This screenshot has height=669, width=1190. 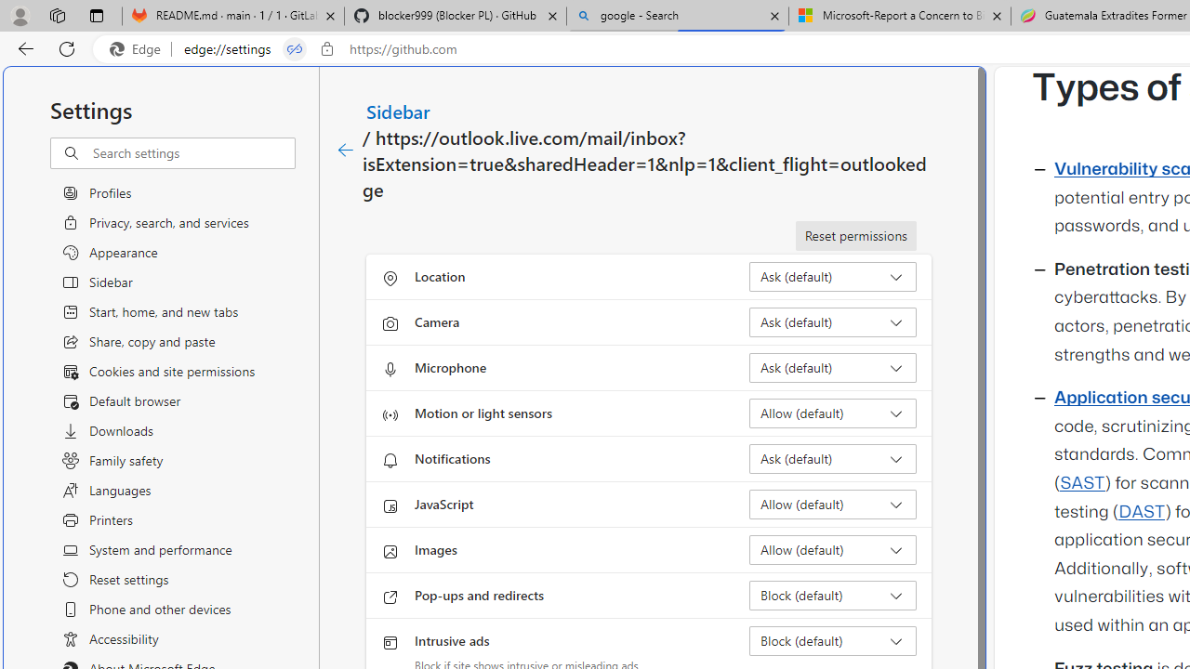 I want to click on 'DAST', so click(x=1141, y=512).